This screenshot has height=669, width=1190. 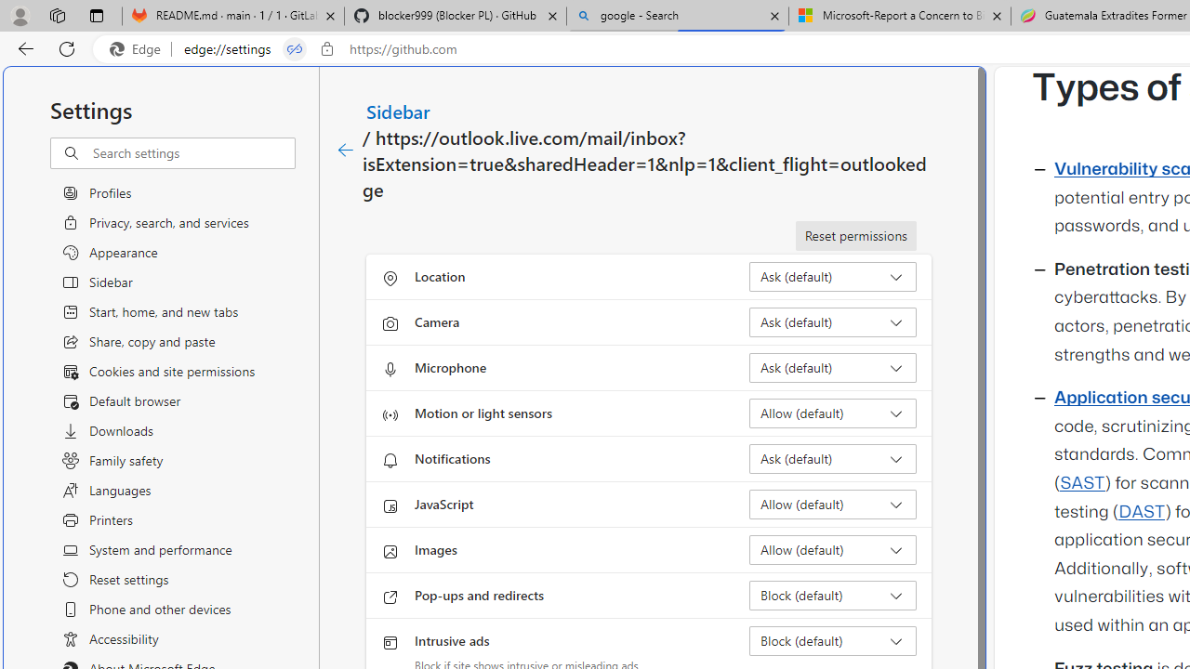 I want to click on 'DAST', so click(x=1141, y=512).